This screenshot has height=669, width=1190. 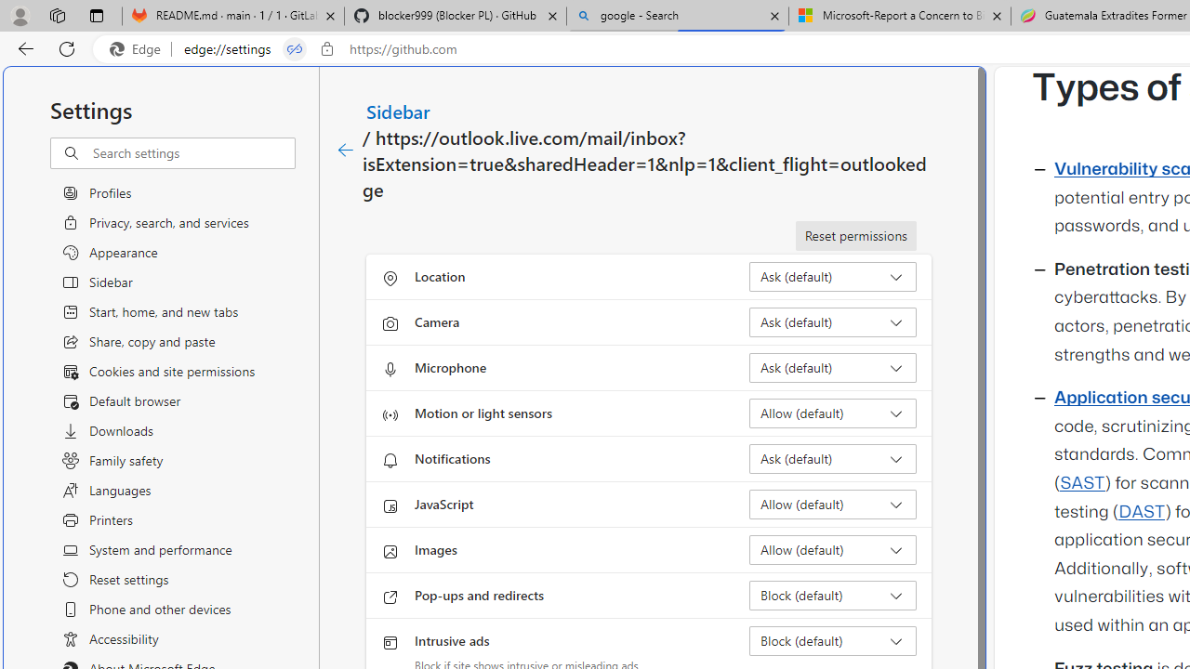 I want to click on 'DAST', so click(x=1141, y=512).